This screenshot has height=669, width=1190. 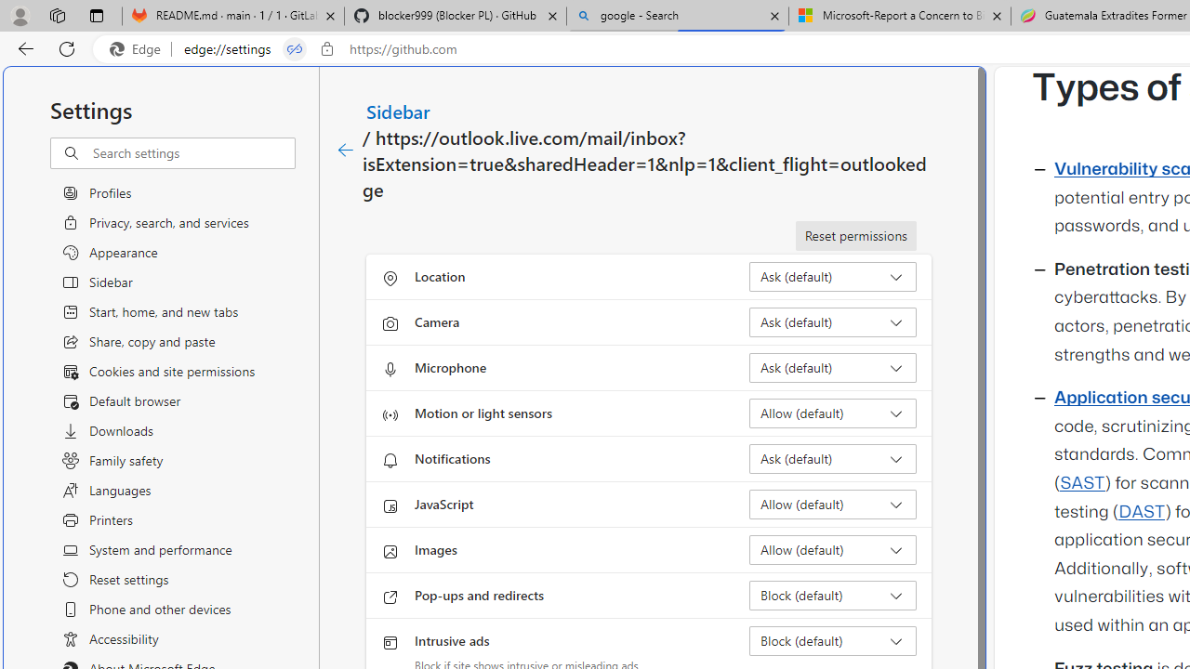 I want to click on 'DAST', so click(x=1141, y=512).